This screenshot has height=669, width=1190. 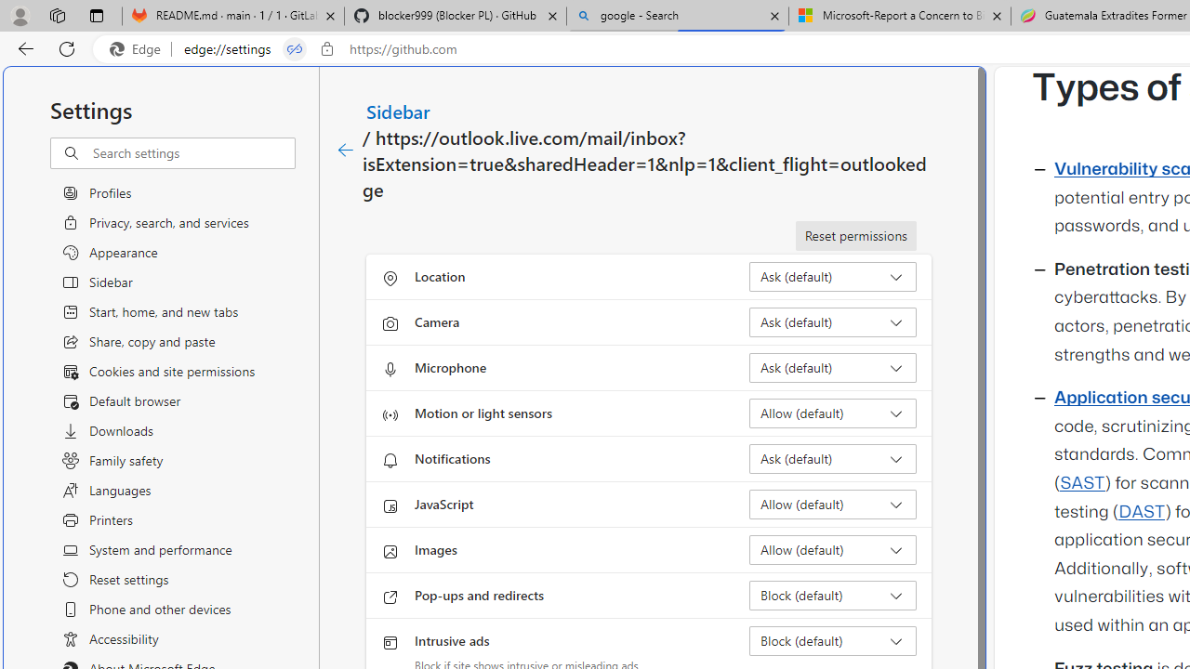 I want to click on 'DAST', so click(x=1141, y=512).